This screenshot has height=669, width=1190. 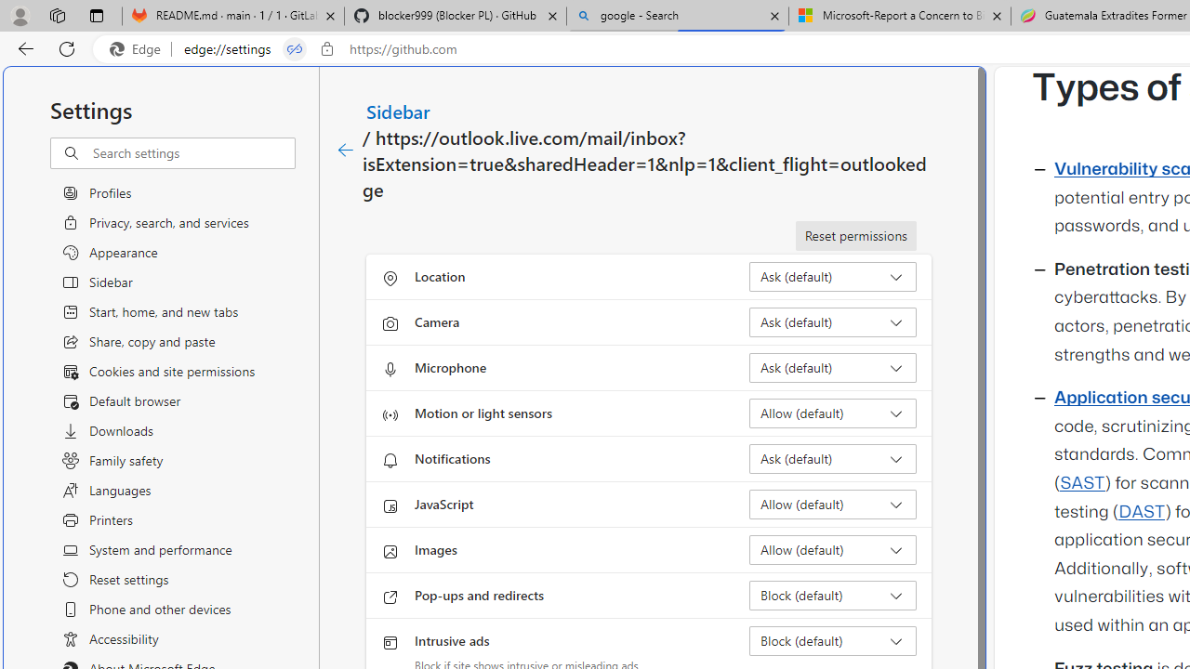 I want to click on 'DAST', so click(x=1141, y=512).